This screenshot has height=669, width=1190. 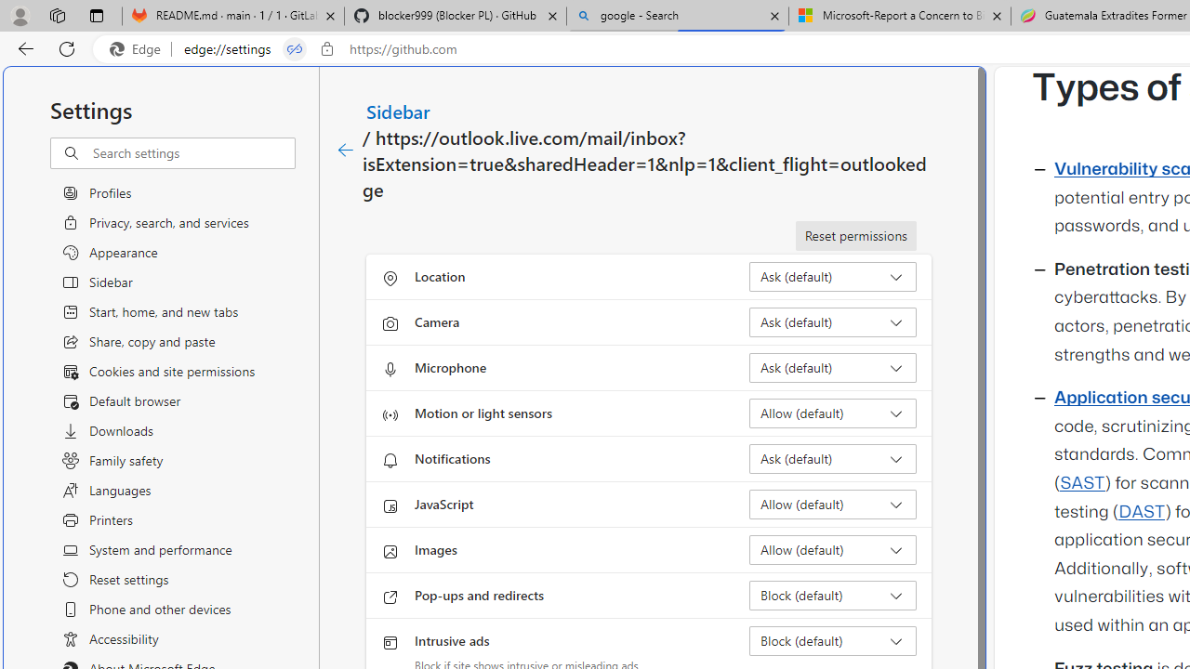 I want to click on 'DAST', so click(x=1141, y=512).